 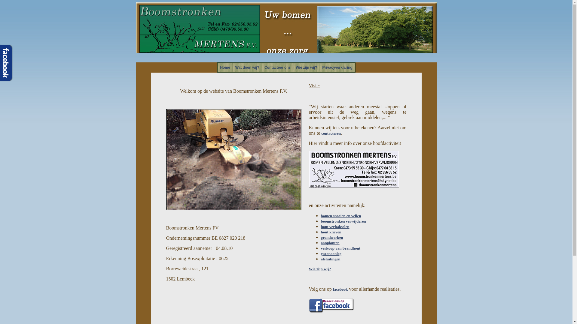 I want to click on 'Privacyverklaring', so click(x=337, y=67).